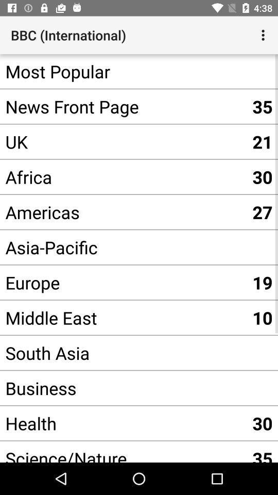 The height and width of the screenshot is (495, 278). What do you see at coordinates (262, 282) in the screenshot?
I see `item to the right of the asia-pacific icon` at bounding box center [262, 282].